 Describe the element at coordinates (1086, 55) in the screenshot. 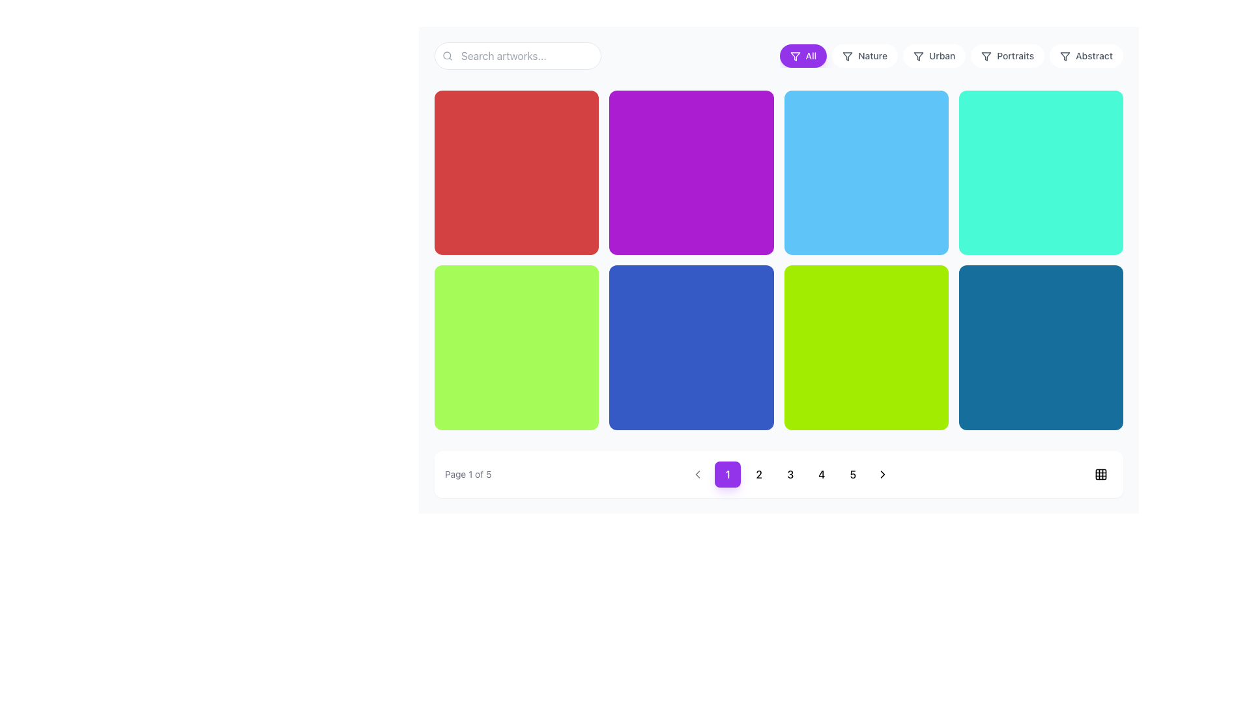

I see `the 'Abstract' button, which is a rounded rectangular button with a white background and gray text, located` at that location.